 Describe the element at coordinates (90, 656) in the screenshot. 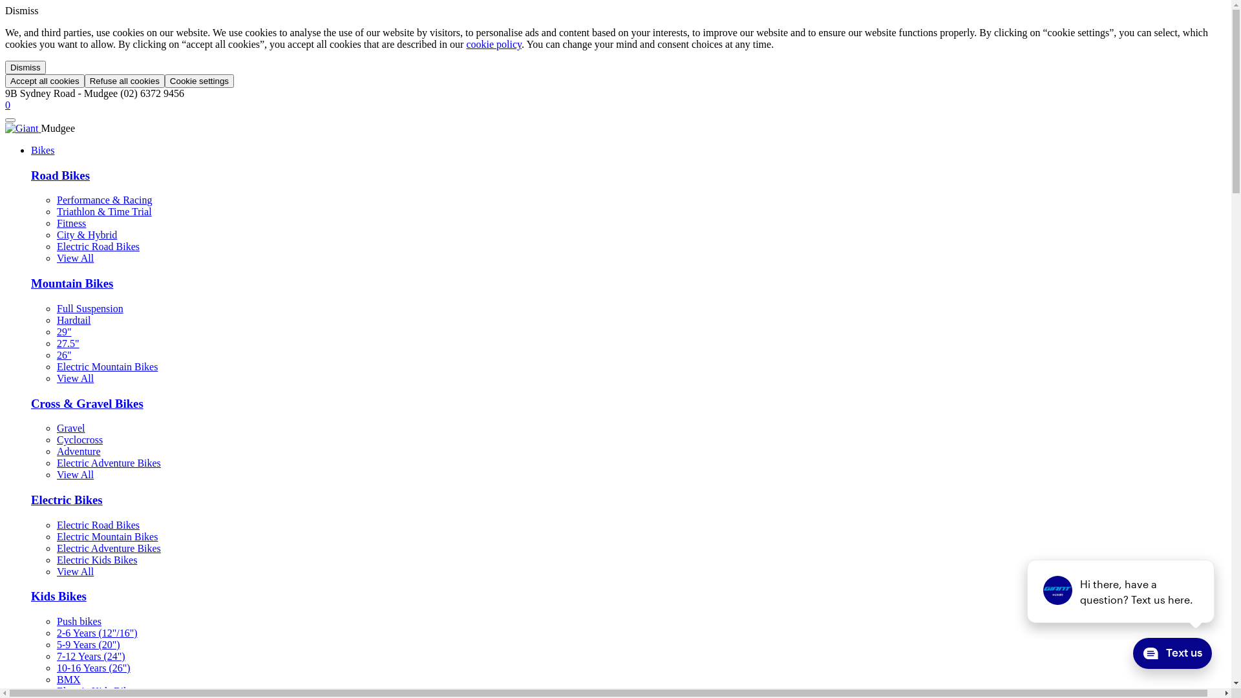

I see `'7-12 Years (24")'` at that location.